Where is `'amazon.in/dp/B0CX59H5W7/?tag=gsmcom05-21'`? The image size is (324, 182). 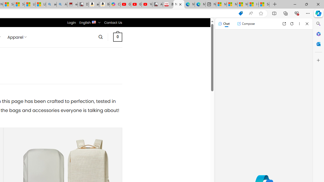
'amazon.in/dp/B0CX59H5W7/?tag=gsmcom05-21' is located at coordinates (93, 4).